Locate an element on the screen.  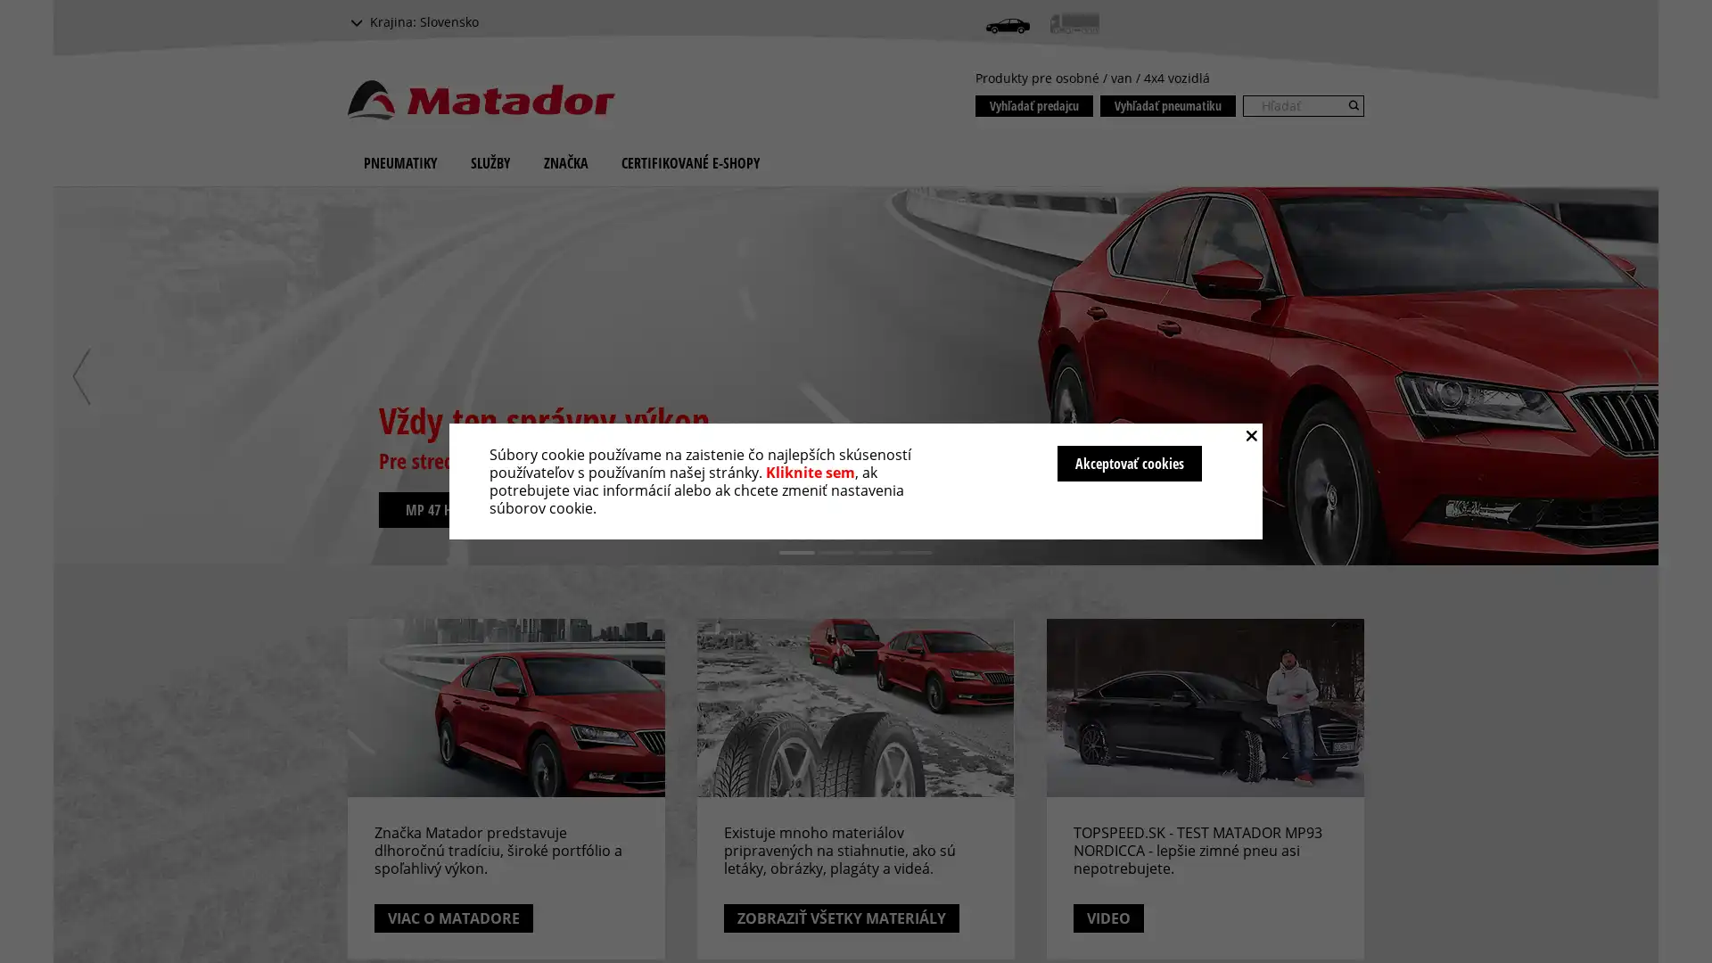
previous is located at coordinates (79, 374).